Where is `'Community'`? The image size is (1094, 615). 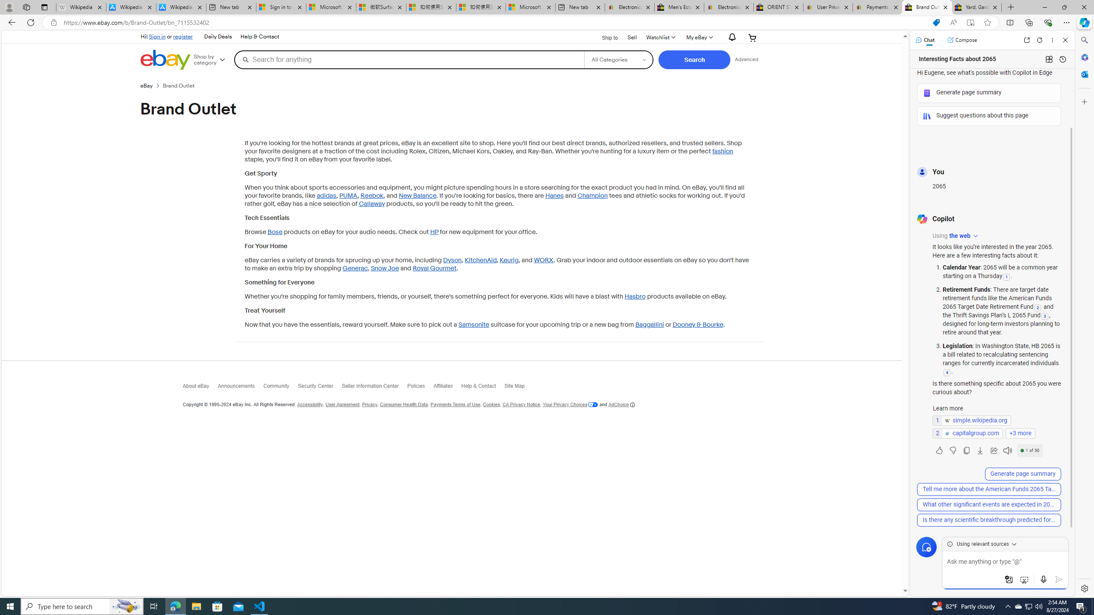
'Community' is located at coordinates (280, 387).